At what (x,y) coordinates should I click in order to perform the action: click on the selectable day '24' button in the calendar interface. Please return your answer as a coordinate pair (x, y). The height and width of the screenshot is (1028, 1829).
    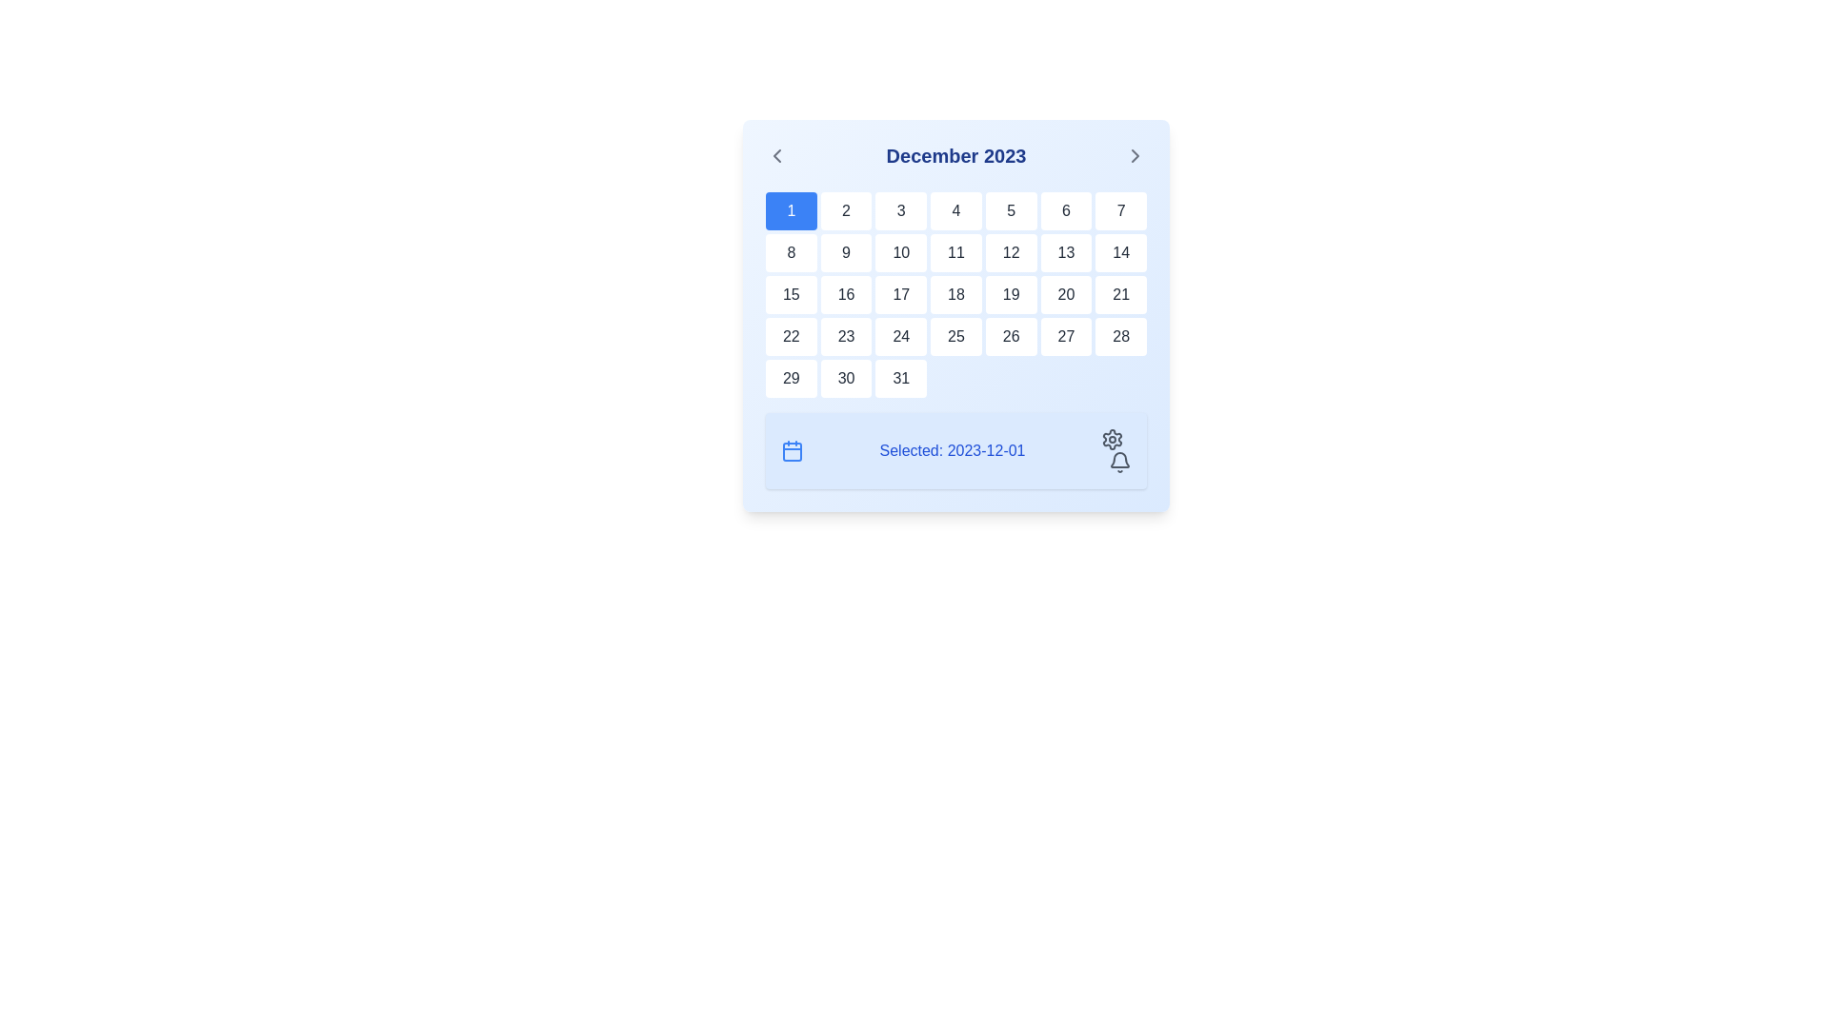
    Looking at the image, I should click on (900, 336).